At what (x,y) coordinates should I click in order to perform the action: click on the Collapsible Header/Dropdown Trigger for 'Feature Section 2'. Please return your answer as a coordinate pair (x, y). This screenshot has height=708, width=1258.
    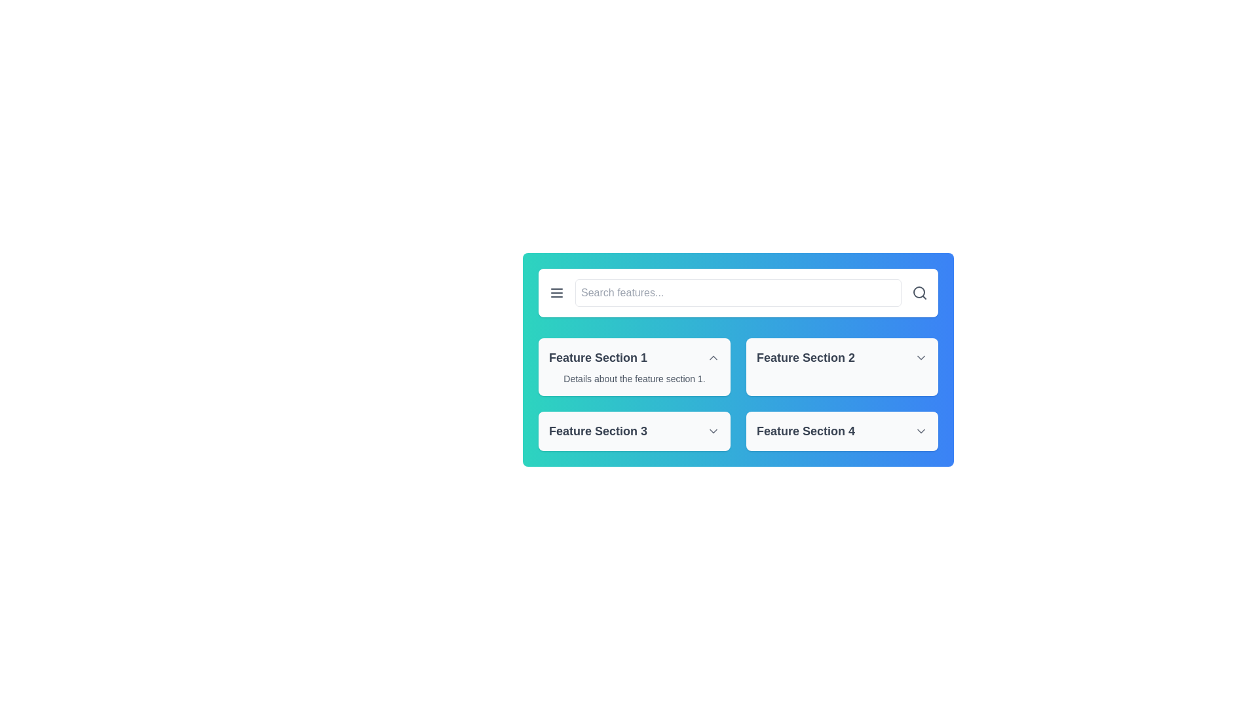
    Looking at the image, I should click on (842, 358).